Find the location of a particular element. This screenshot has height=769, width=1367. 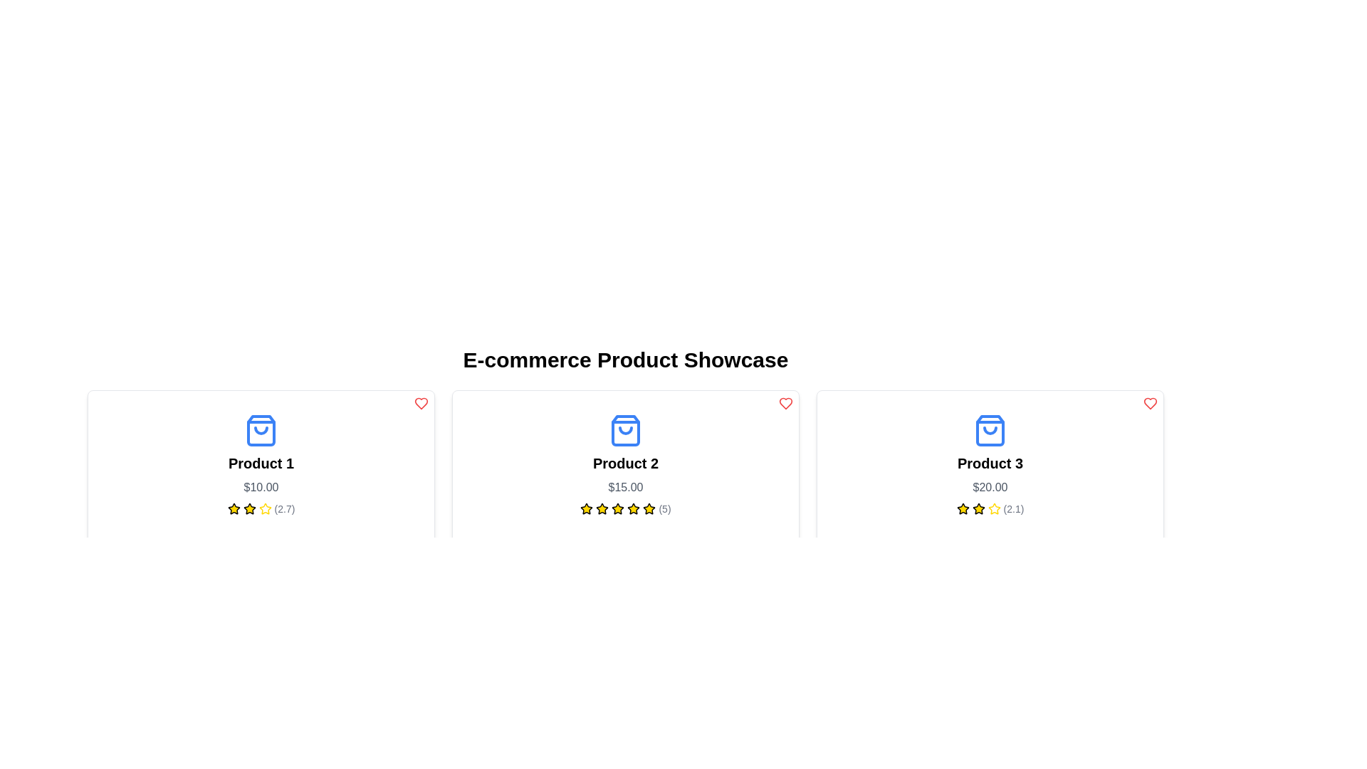

the third yellow star icon in the rating system for 'Product 2' to trigger tooltip or highlight effects is located at coordinates (649, 508).